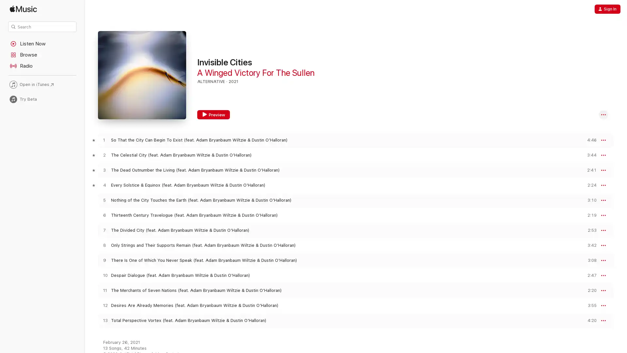 The height and width of the screenshot is (353, 627). I want to click on Play, so click(104, 290).